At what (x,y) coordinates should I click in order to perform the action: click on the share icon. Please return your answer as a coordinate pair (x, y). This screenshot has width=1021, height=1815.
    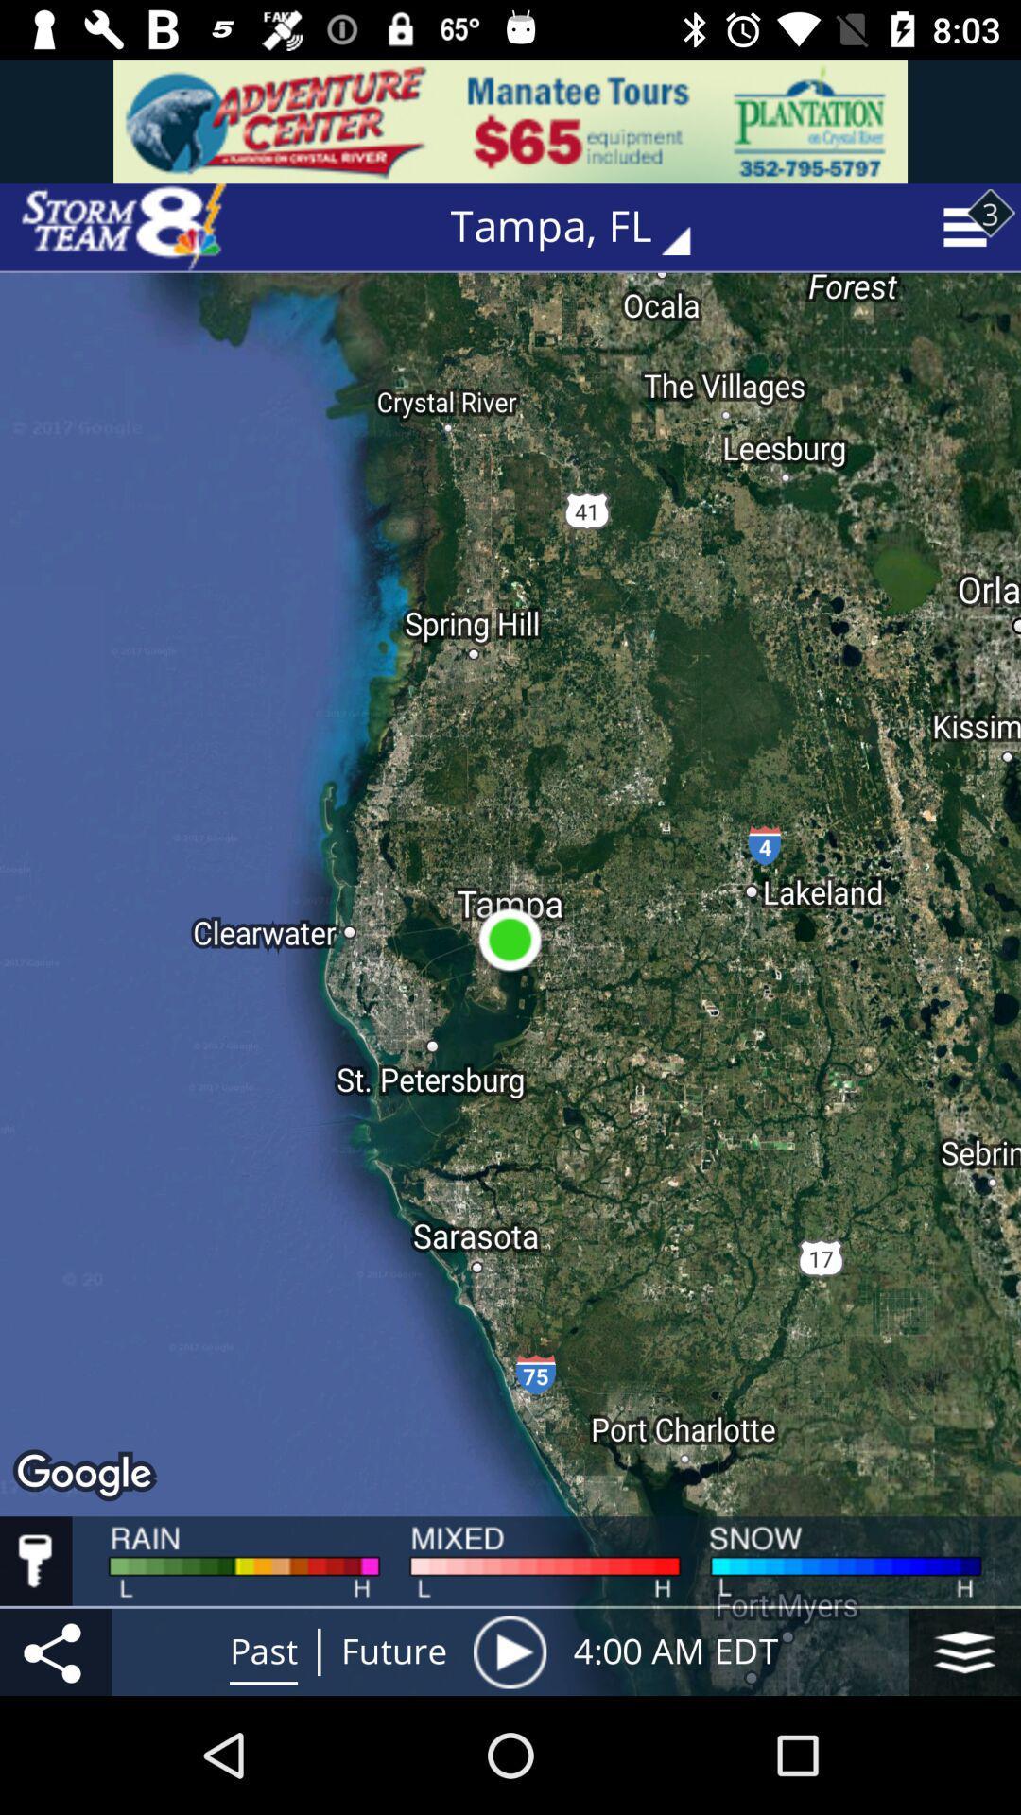
    Looking at the image, I should click on (55, 1651).